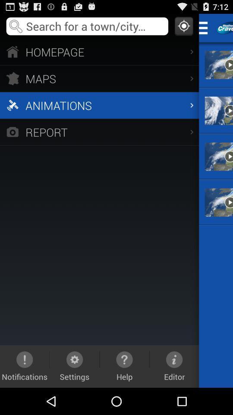  I want to click on the animations icon, so click(99, 105).